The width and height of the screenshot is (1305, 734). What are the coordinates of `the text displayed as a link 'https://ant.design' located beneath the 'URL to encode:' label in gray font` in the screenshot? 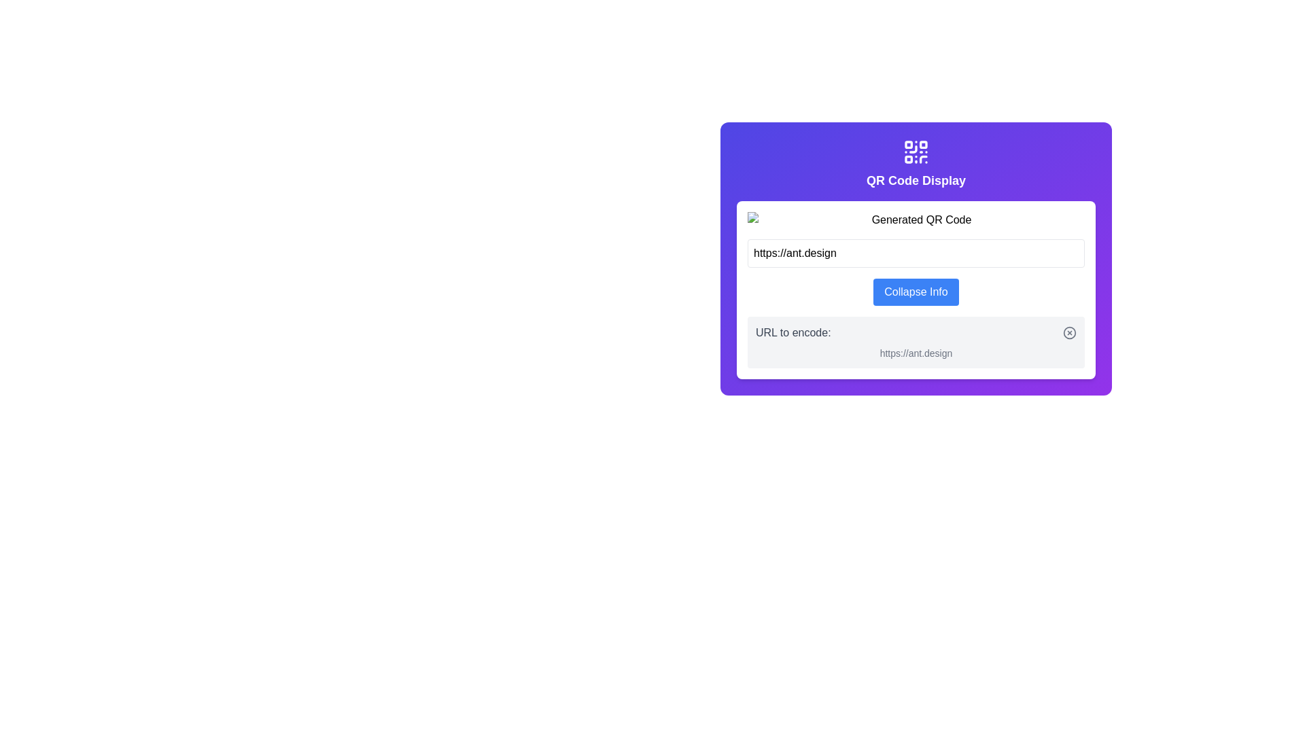 It's located at (916, 353).